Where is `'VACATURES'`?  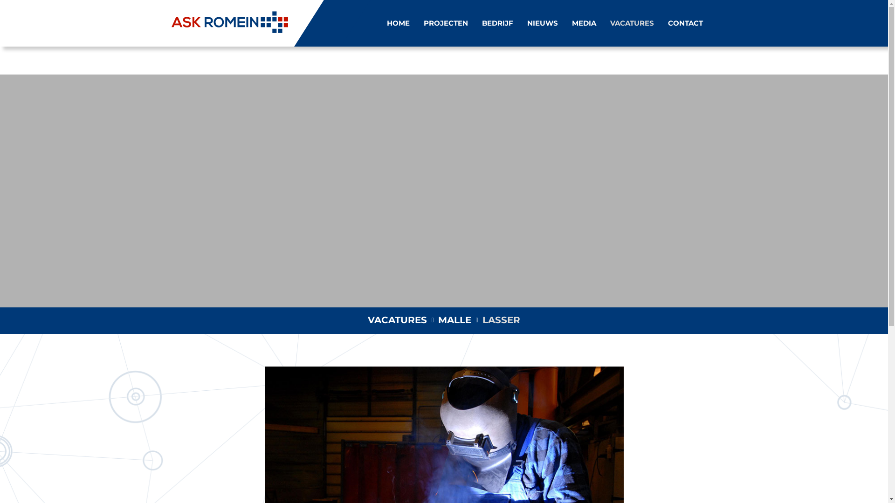 'VACATURES' is located at coordinates (397, 319).